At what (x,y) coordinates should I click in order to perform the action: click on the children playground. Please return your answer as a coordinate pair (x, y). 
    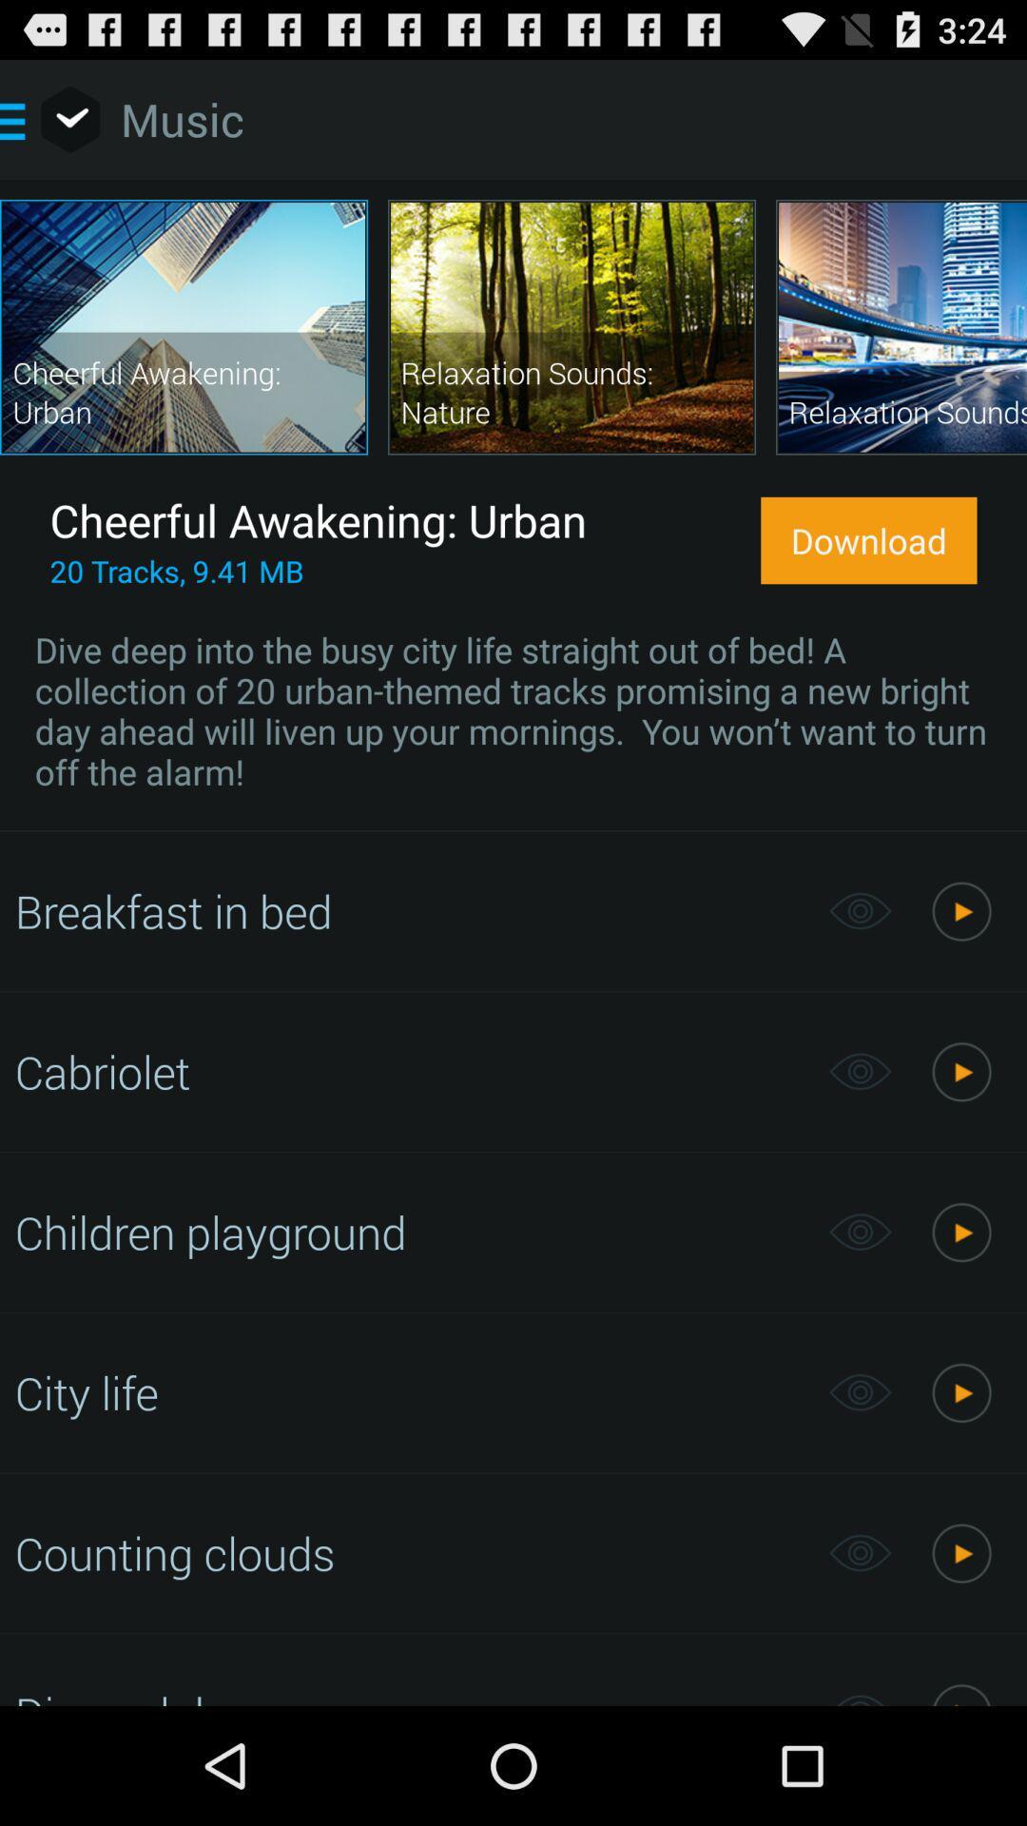
    Looking at the image, I should click on (411, 1232).